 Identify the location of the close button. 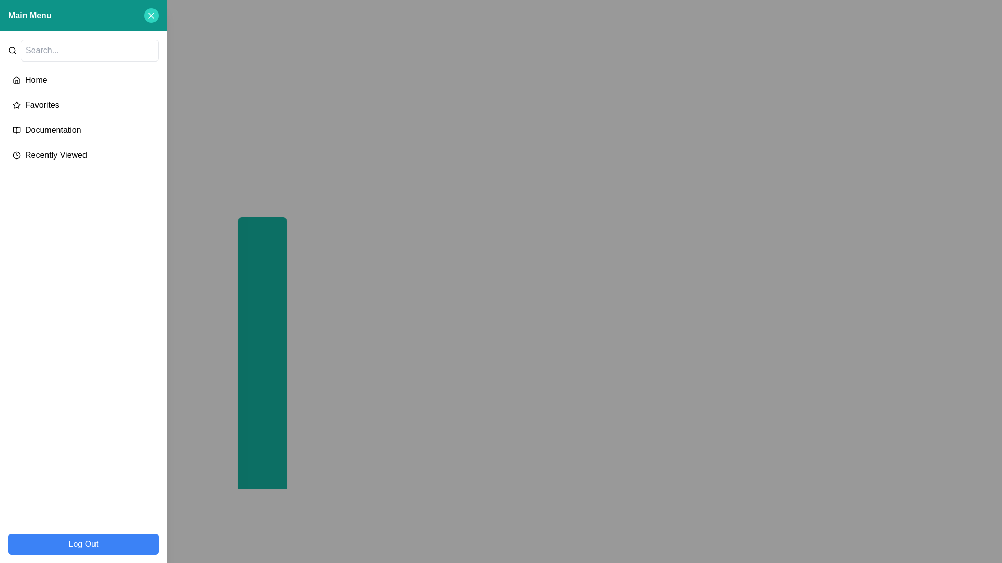
(150, 16).